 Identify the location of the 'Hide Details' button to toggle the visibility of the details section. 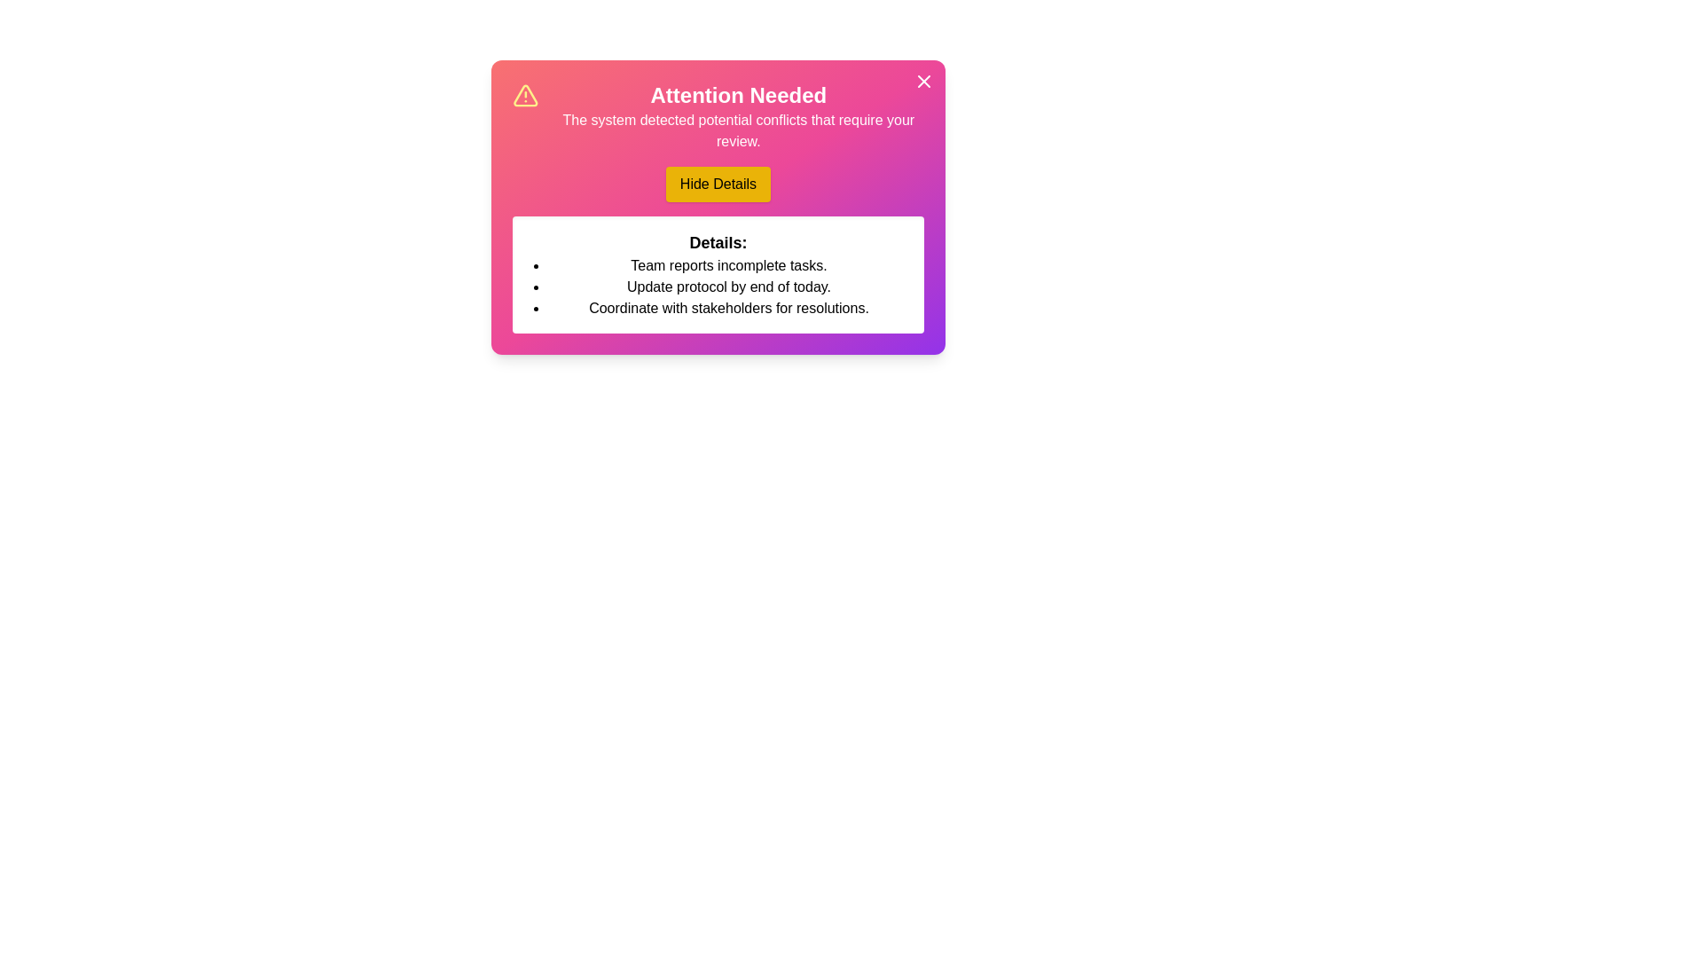
(718, 185).